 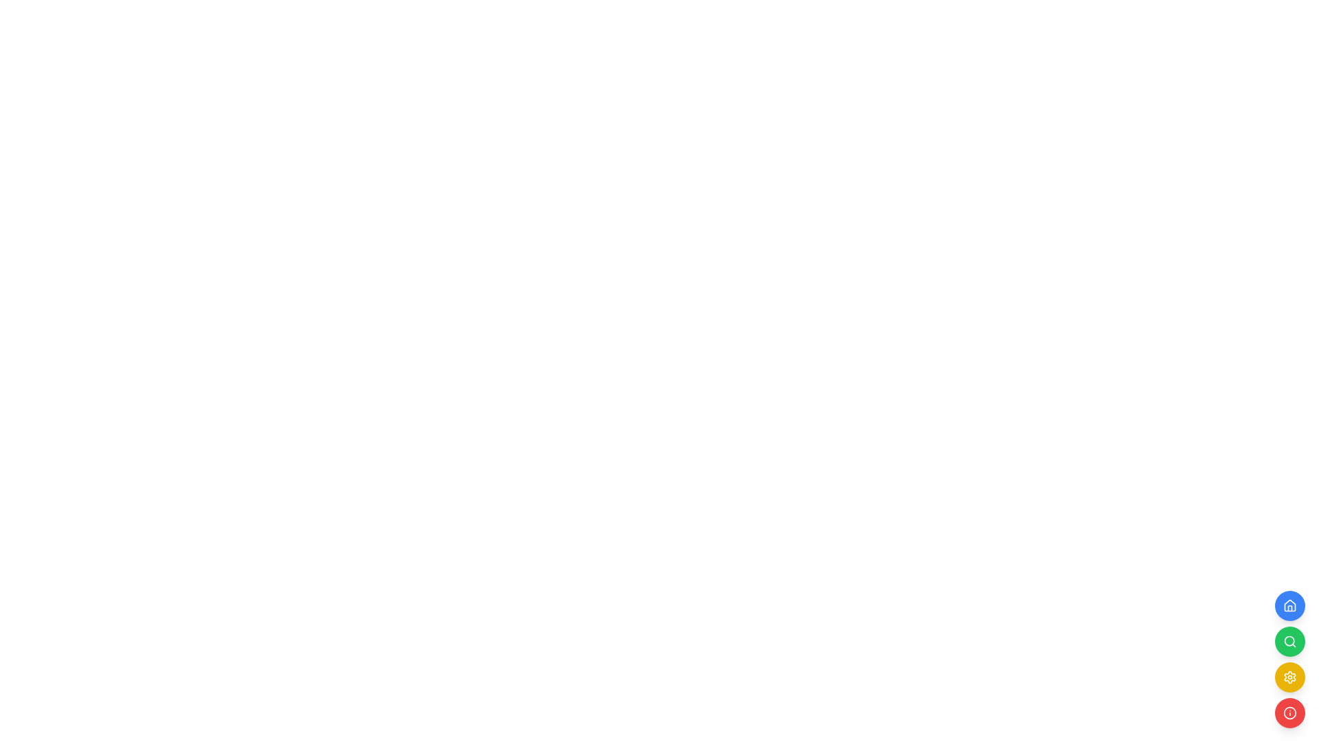 I want to click on the search button, so click(x=1289, y=641).